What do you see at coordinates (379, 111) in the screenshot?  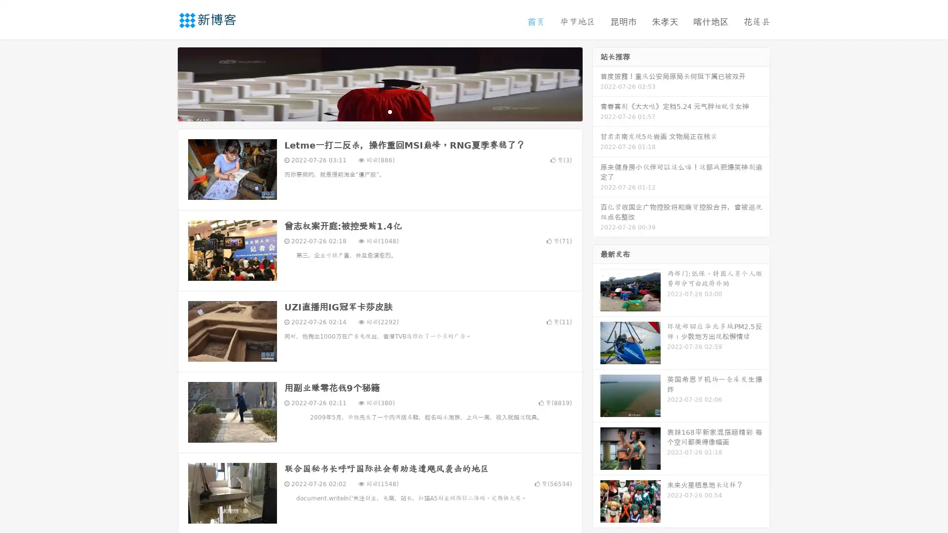 I see `Go to slide 2` at bounding box center [379, 111].